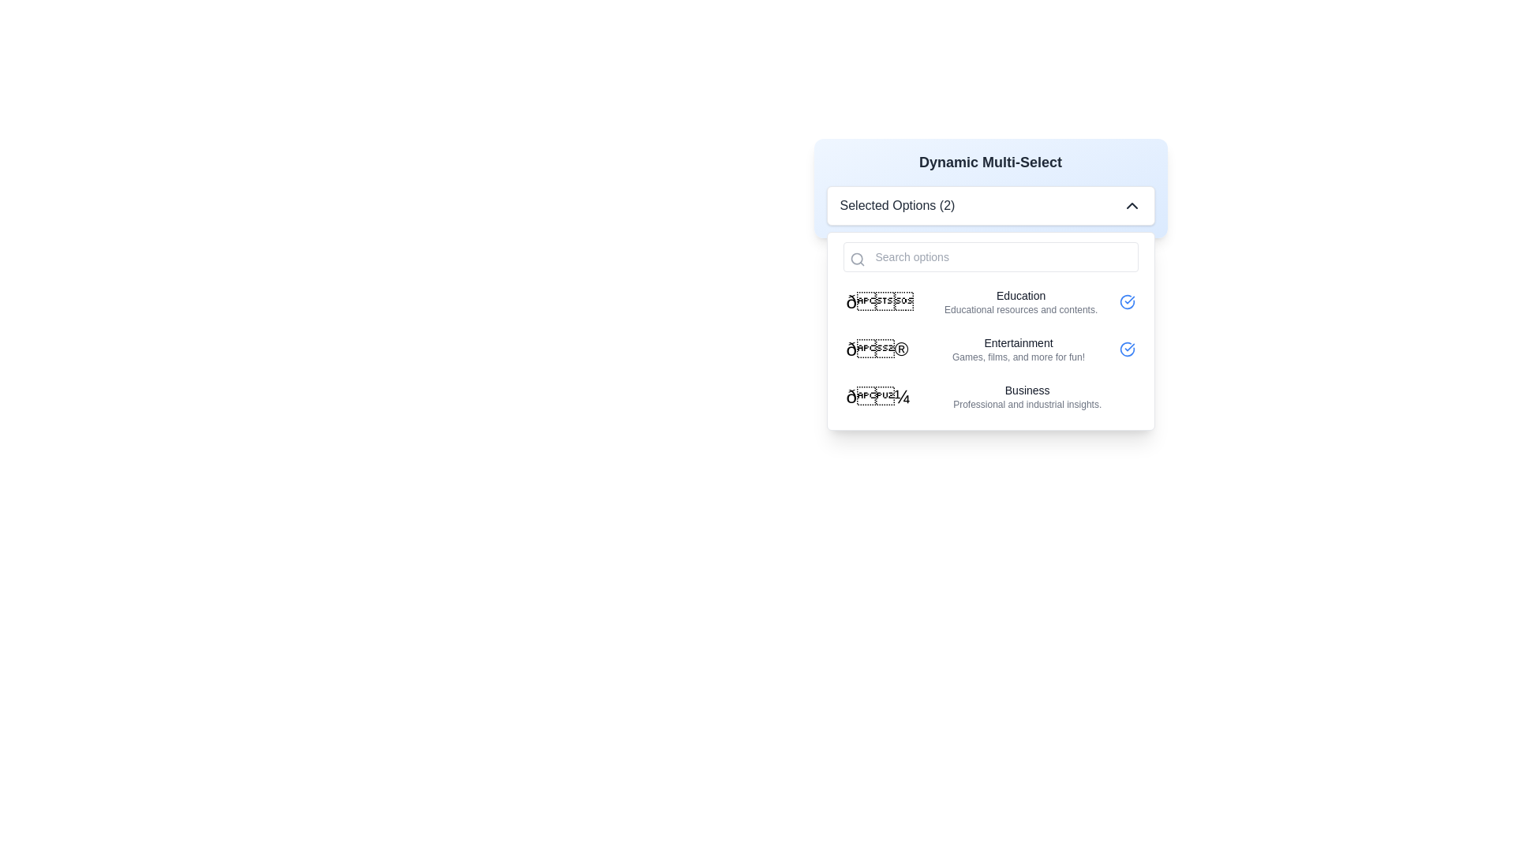 The height and width of the screenshot is (852, 1515). I want to click on the magnifying glass icon, which is styled as a small gray outline and positioned to the left of the 'Search options' placeholder text in the search input area, so click(856, 258).